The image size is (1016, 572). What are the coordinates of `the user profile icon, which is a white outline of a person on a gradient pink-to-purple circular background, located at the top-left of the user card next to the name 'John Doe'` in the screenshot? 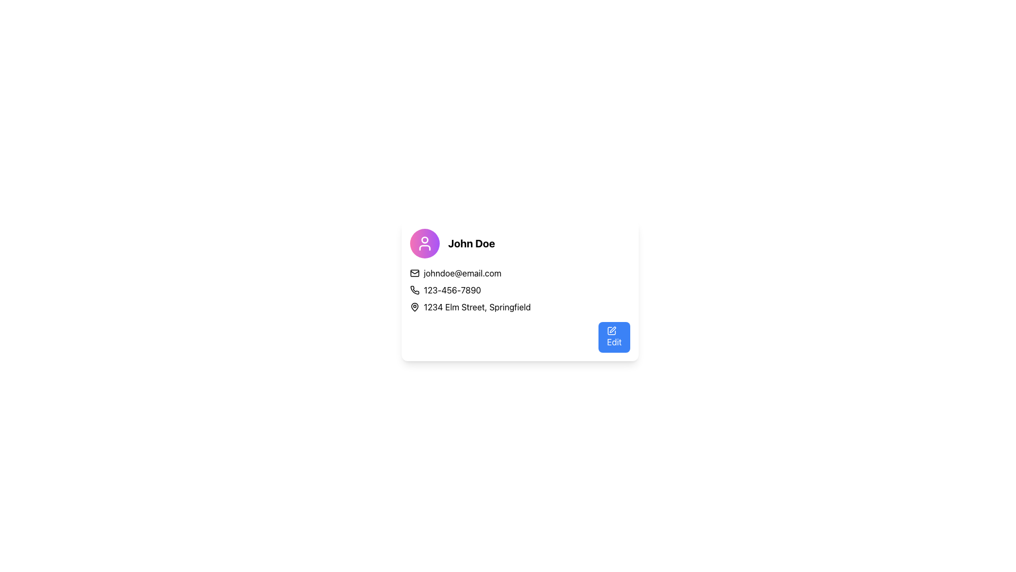 It's located at (424, 243).